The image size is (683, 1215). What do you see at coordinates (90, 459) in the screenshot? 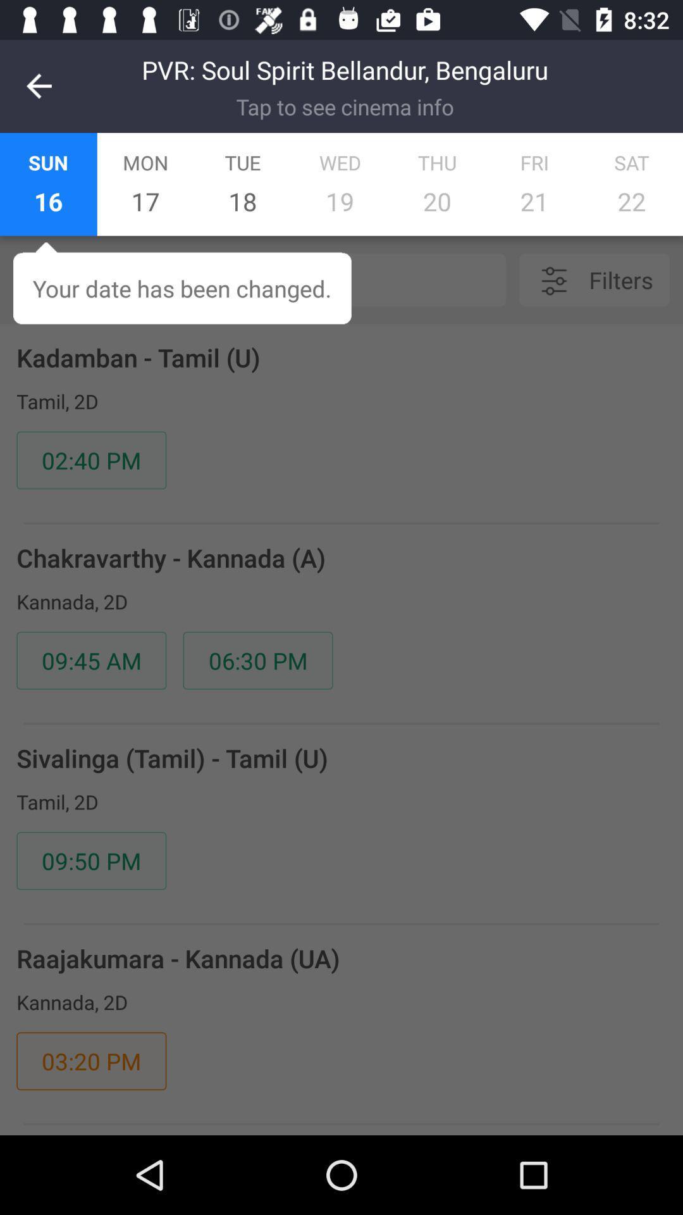
I see `02:40 pm icon` at bounding box center [90, 459].